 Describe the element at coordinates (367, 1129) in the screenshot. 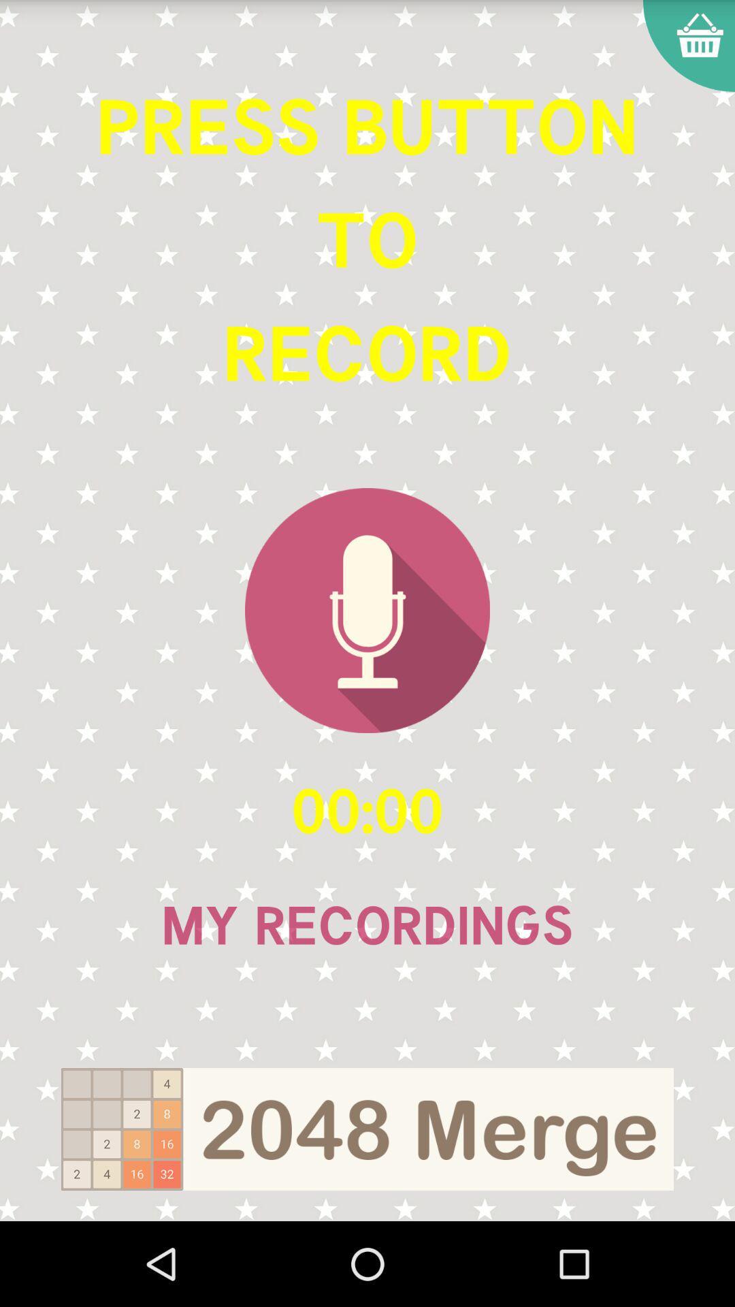

I see `the icon below my recordings` at that location.